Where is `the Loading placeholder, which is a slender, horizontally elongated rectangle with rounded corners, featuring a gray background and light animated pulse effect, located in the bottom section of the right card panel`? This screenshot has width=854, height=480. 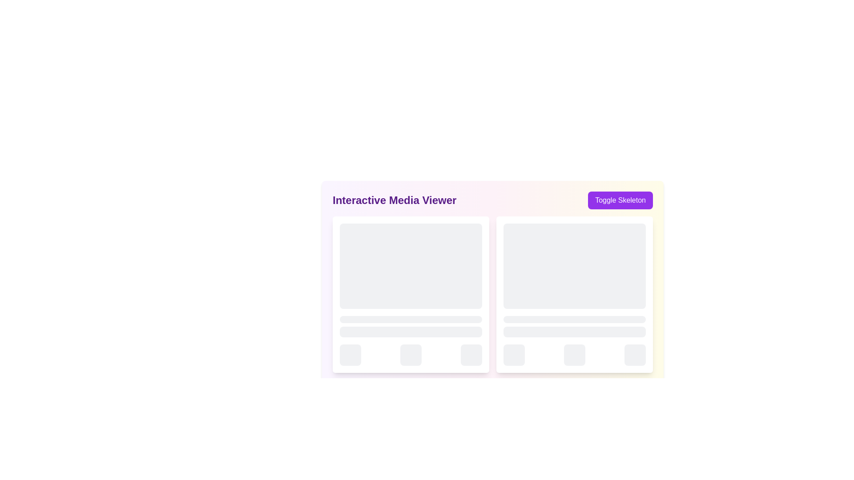 the Loading placeholder, which is a slender, horizontally elongated rectangle with rounded corners, featuring a gray background and light animated pulse effect, located in the bottom section of the right card panel is located at coordinates (574, 319).